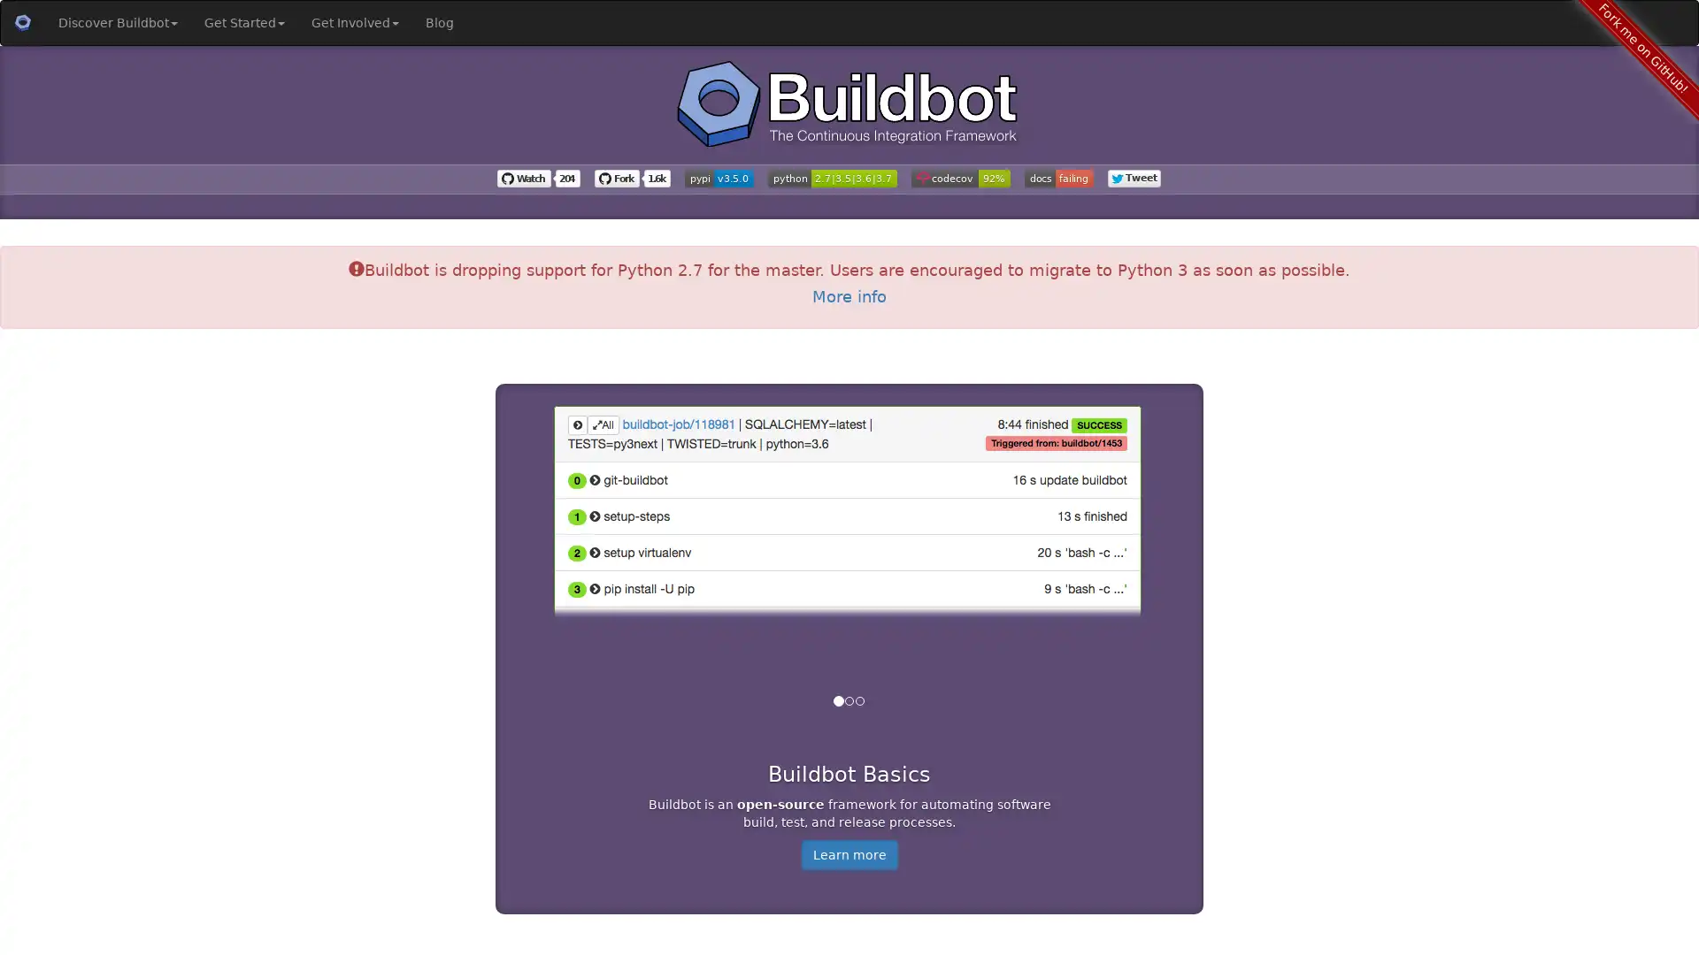 Image resolution: width=1699 pixels, height=955 pixels. Describe the element at coordinates (354, 23) in the screenshot. I see `Get Involved` at that location.